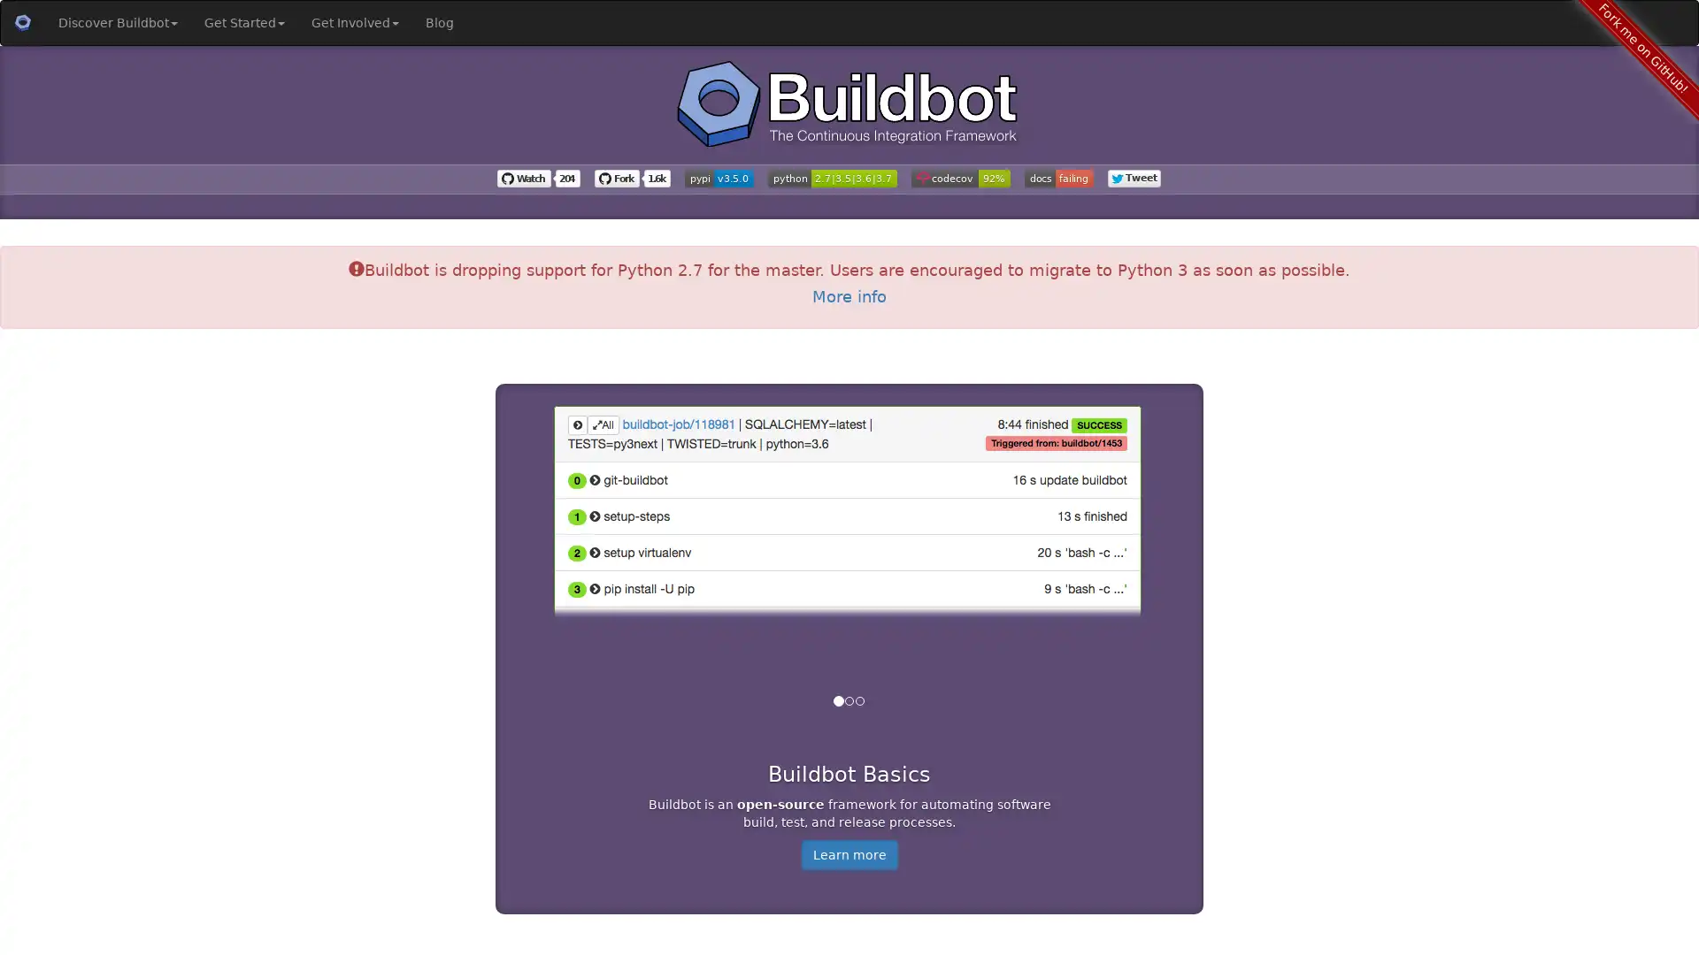 Image resolution: width=1699 pixels, height=955 pixels. Describe the element at coordinates (354, 23) in the screenshot. I see `Get Involved` at that location.